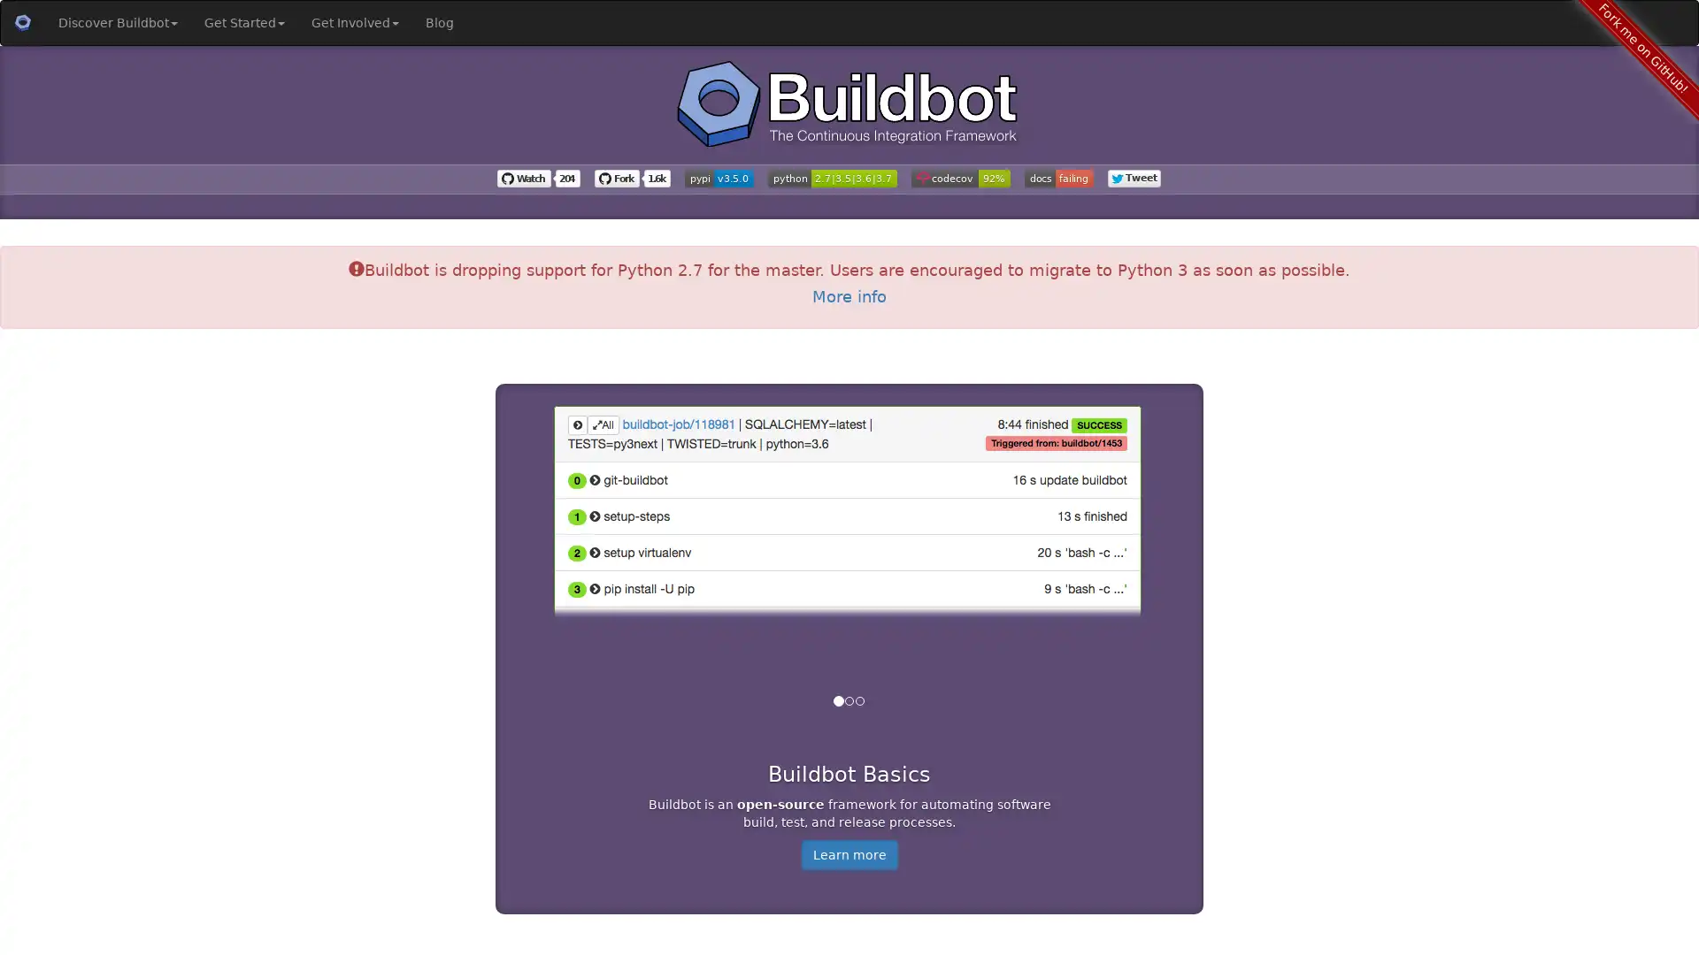 Image resolution: width=1699 pixels, height=955 pixels. Describe the element at coordinates (354, 23) in the screenshot. I see `Get Involved` at that location.